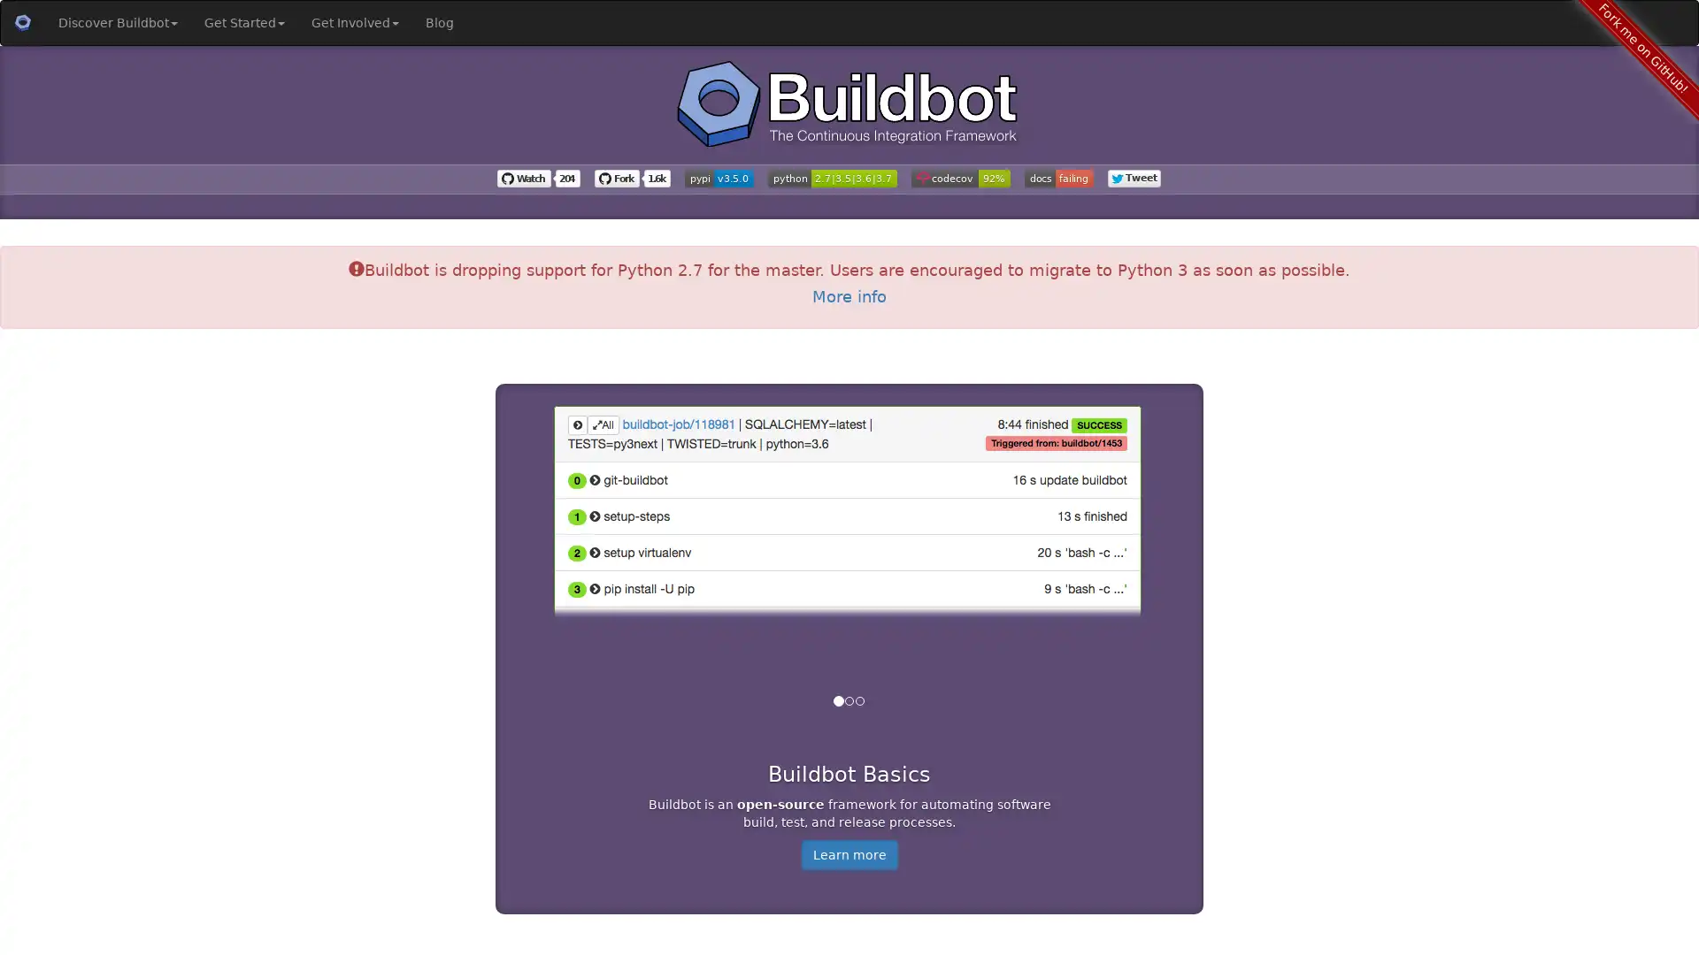 Image resolution: width=1699 pixels, height=955 pixels. Describe the element at coordinates (354, 23) in the screenshot. I see `Get Involved` at that location.